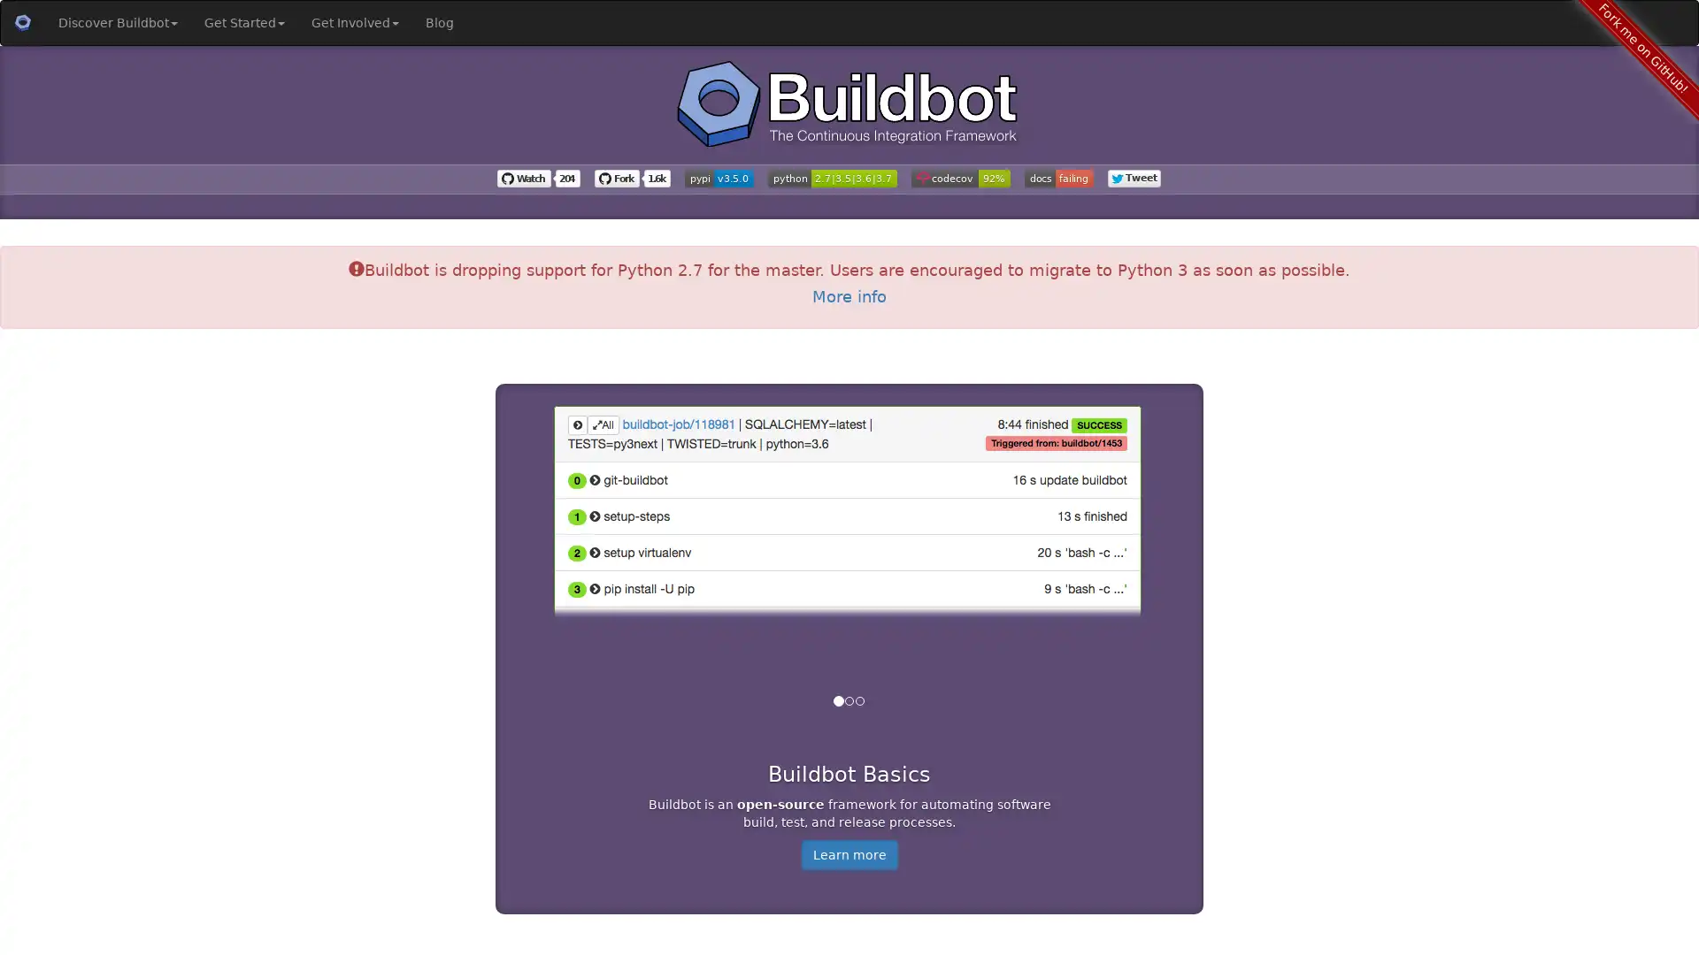 Image resolution: width=1699 pixels, height=955 pixels. Describe the element at coordinates (354, 23) in the screenshot. I see `Get Involved` at that location.